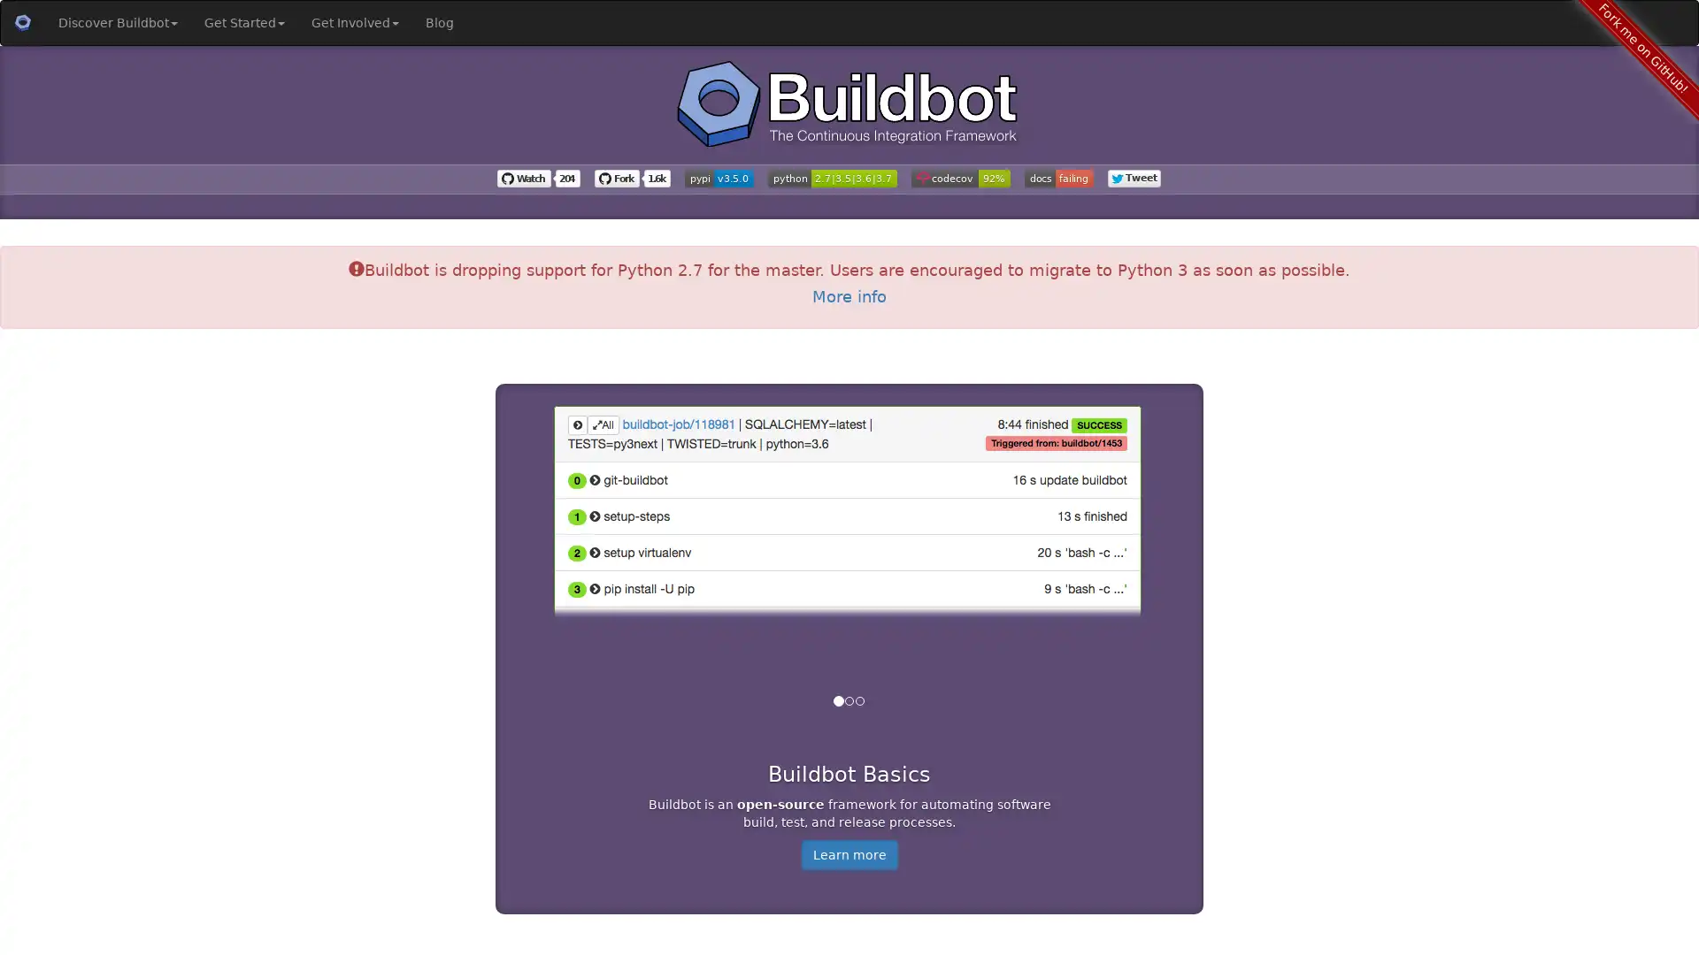 Image resolution: width=1699 pixels, height=955 pixels. Describe the element at coordinates (354, 23) in the screenshot. I see `Get Involved` at that location.